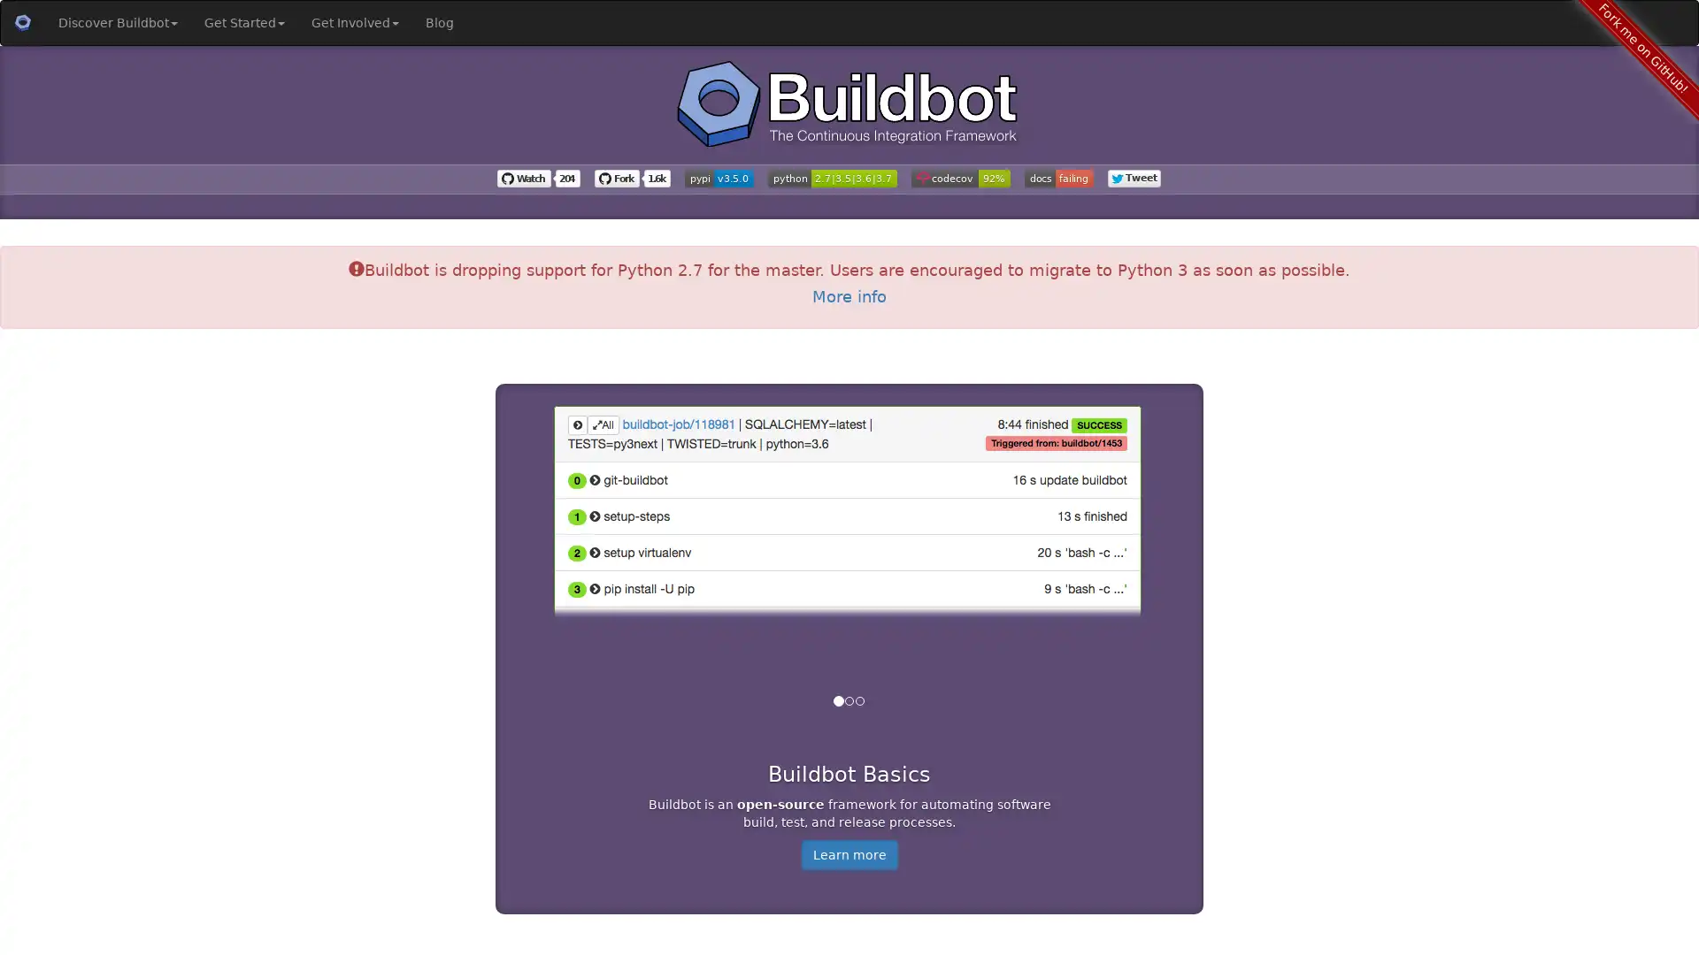 Image resolution: width=1699 pixels, height=955 pixels. Describe the element at coordinates (354, 23) in the screenshot. I see `Get Involved` at that location.